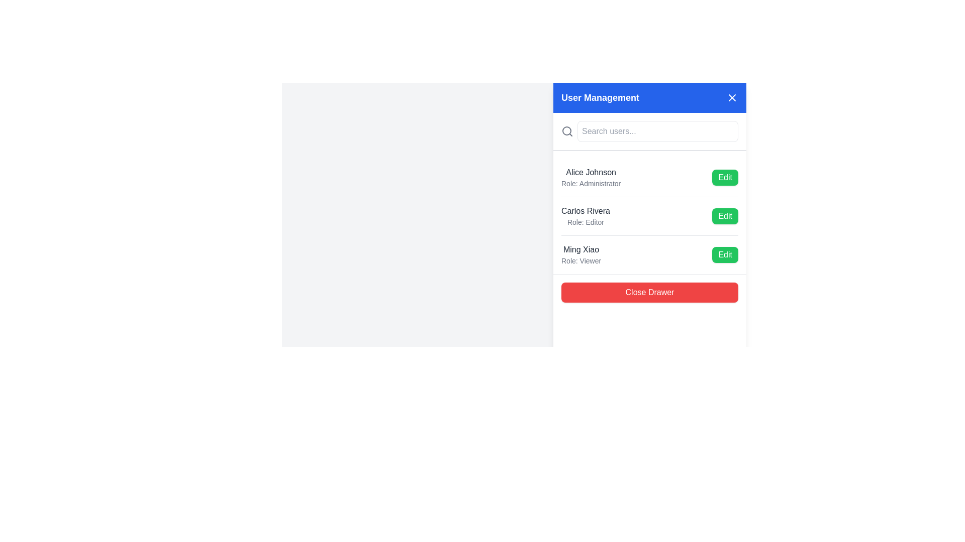  What do you see at coordinates (732, 98) in the screenshot?
I see `the close button located in the top-right corner of the header section with a blue background` at bounding box center [732, 98].